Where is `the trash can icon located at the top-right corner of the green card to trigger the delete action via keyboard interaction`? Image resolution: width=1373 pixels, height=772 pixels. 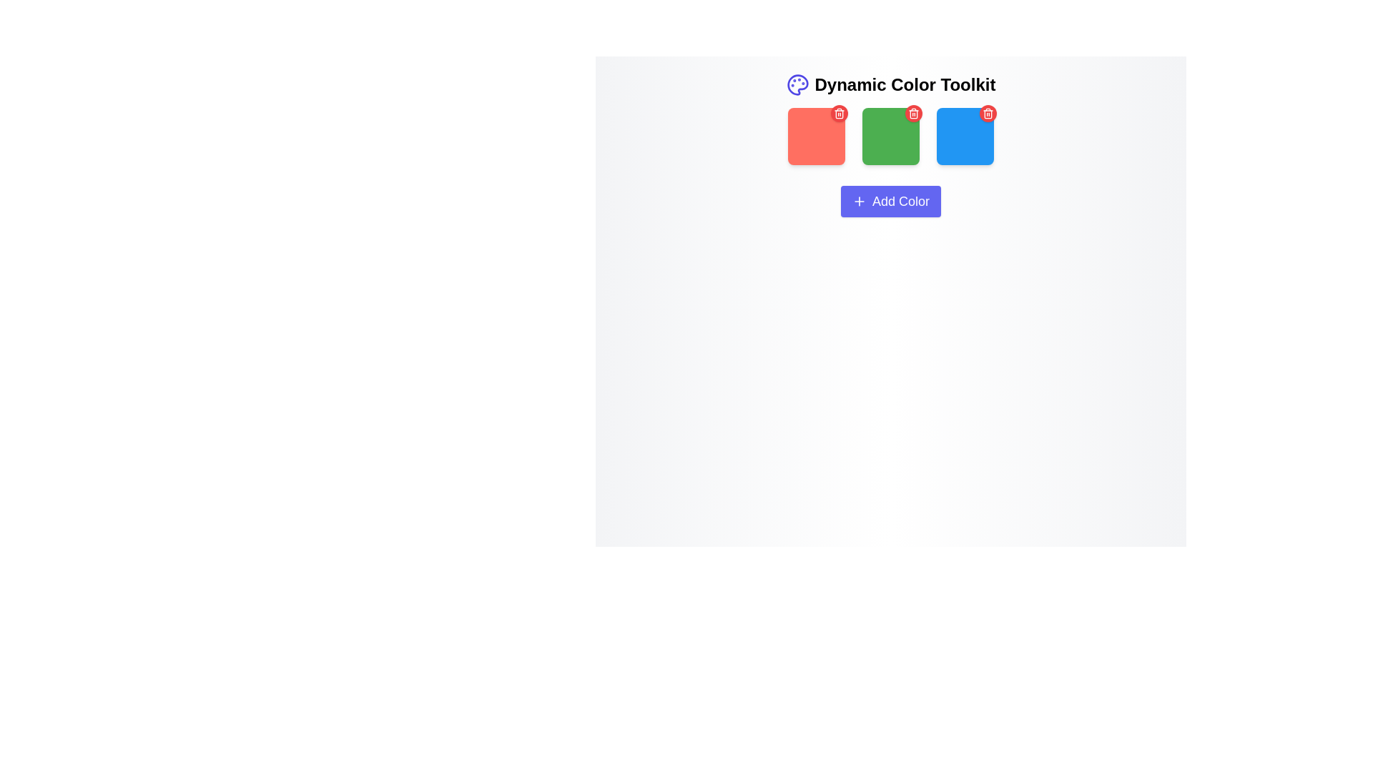
the trash can icon located at the top-right corner of the green card to trigger the delete action via keyboard interaction is located at coordinates (988, 112).